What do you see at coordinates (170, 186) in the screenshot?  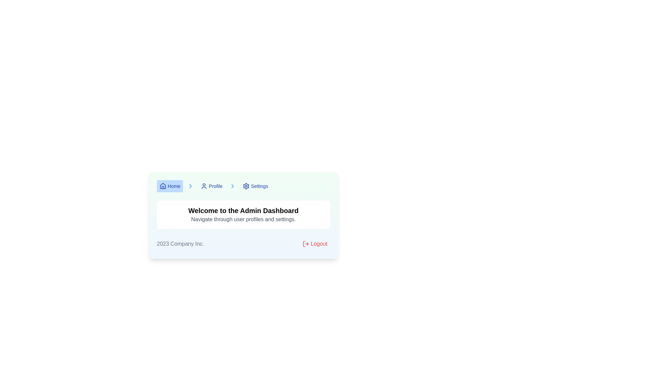 I see `the navigational button located at the upper left corner of the navigation bar` at bounding box center [170, 186].